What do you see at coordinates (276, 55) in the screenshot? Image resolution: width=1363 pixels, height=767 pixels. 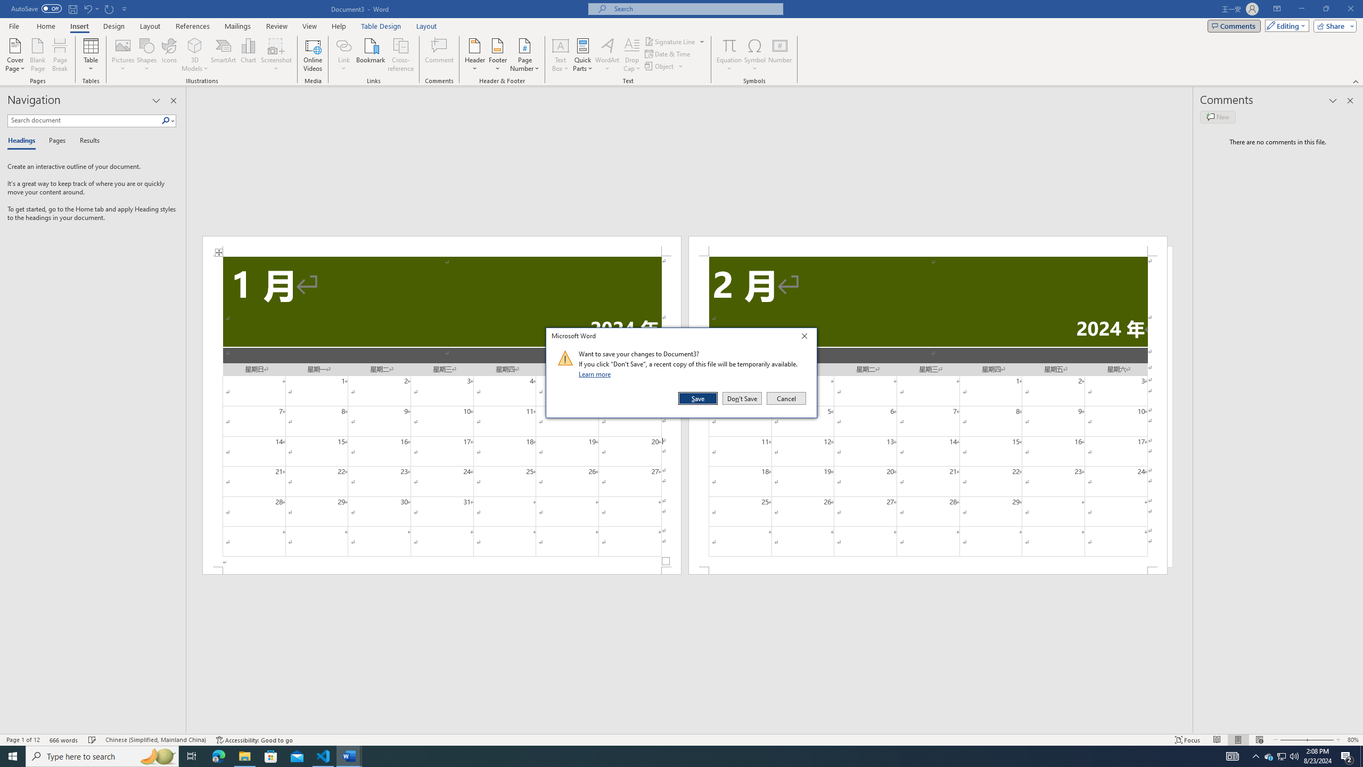 I see `'Screenshot'` at bounding box center [276, 55].